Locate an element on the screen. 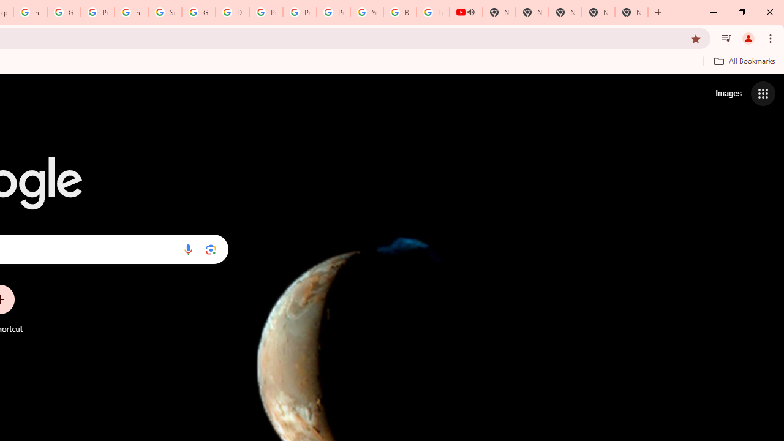 This screenshot has width=784, height=441. 'YouTube' is located at coordinates (366, 12).